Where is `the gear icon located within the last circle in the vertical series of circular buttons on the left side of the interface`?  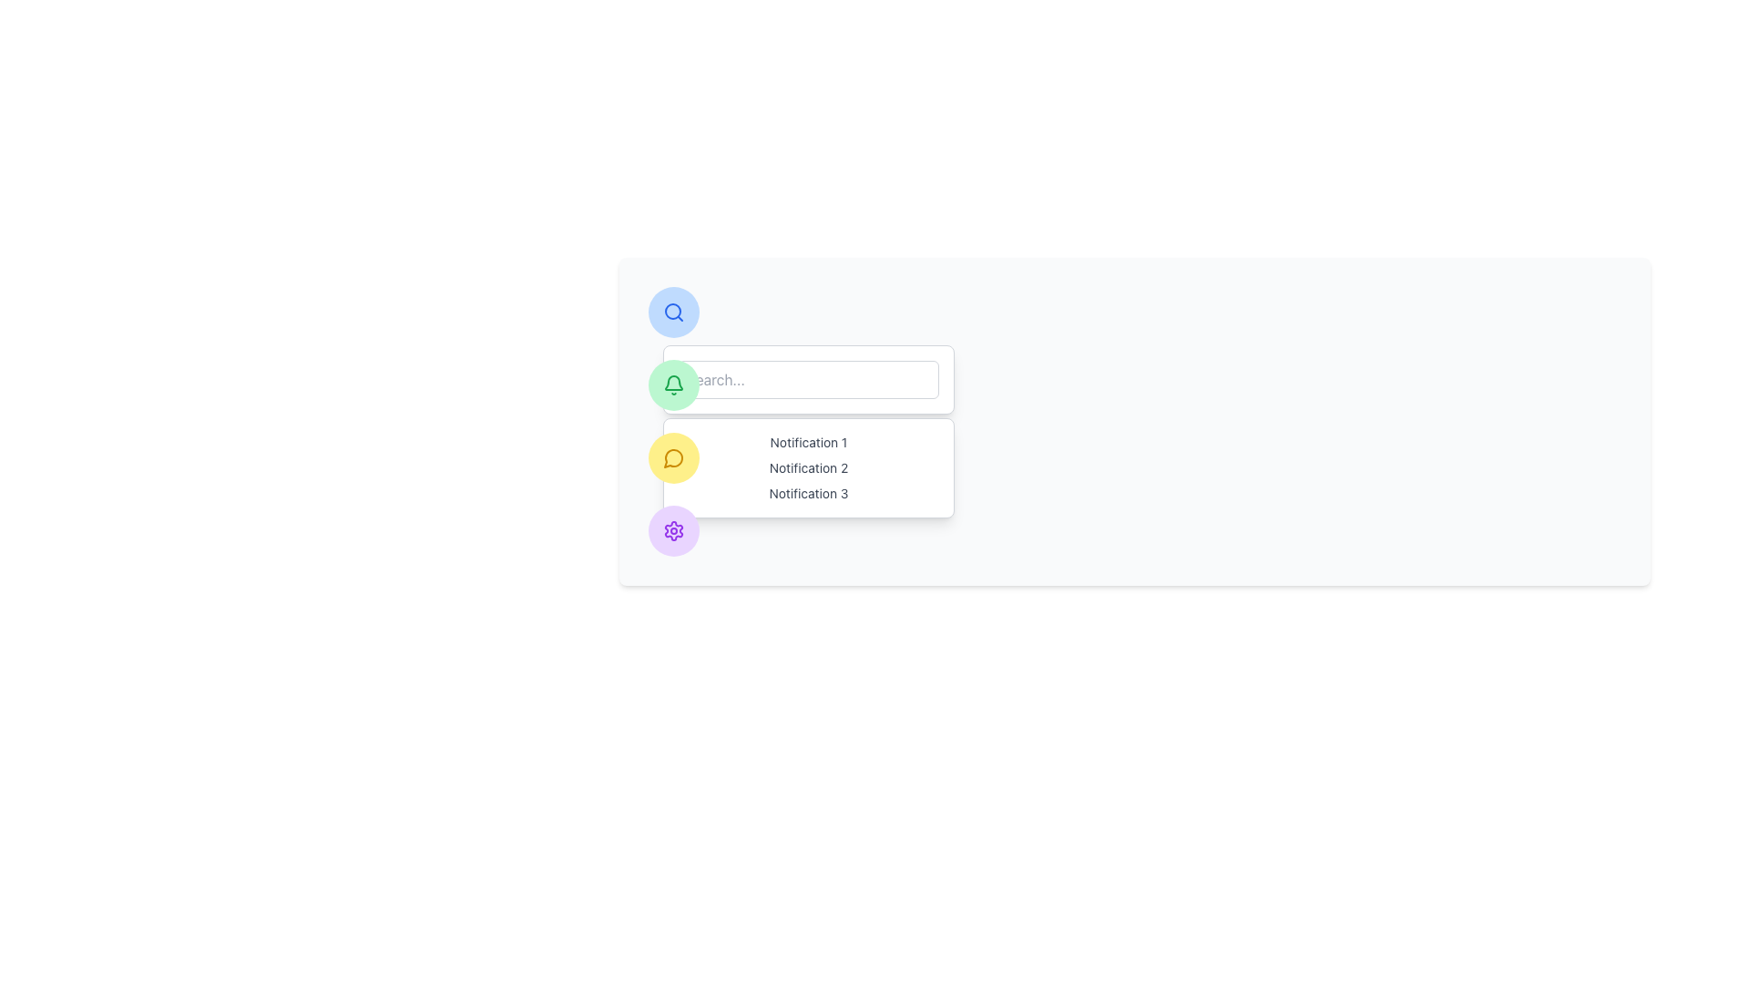
the gear icon located within the last circle in the vertical series of circular buttons on the left side of the interface is located at coordinates (672, 530).